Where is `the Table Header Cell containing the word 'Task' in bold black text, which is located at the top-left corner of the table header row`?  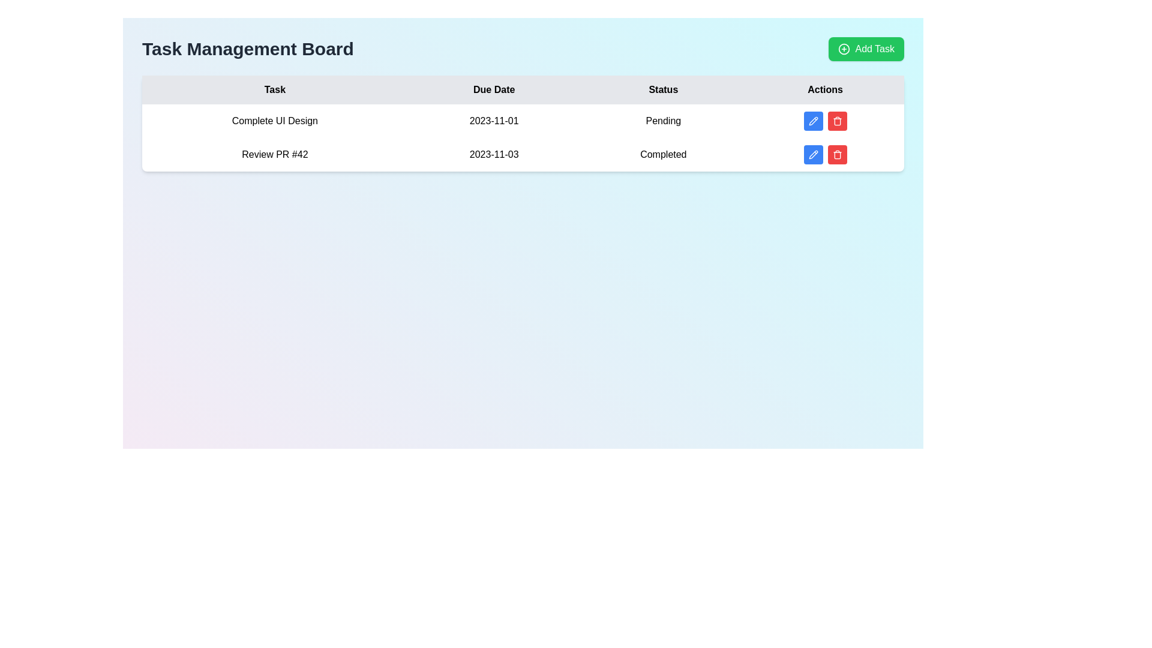 the Table Header Cell containing the word 'Task' in bold black text, which is located at the top-left corner of the table header row is located at coordinates (274, 89).